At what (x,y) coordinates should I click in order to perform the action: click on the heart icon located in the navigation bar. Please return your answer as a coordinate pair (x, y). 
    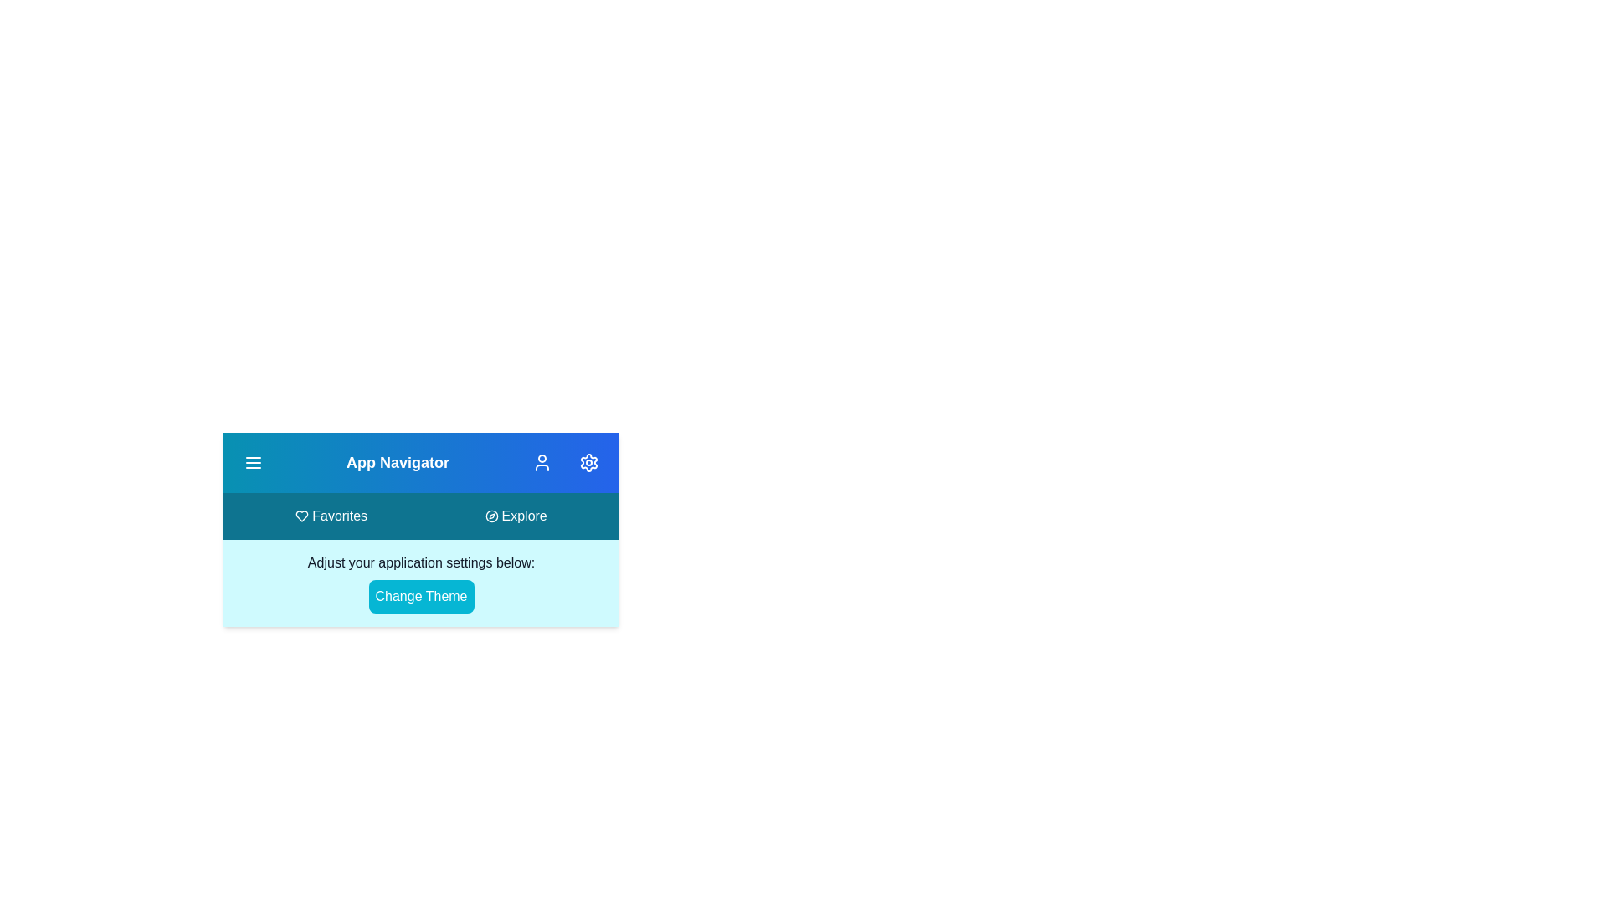
    Looking at the image, I should click on (301, 516).